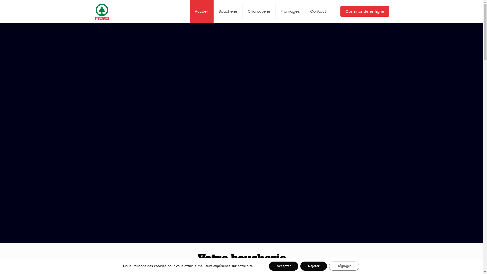  Describe the element at coordinates (313, 266) in the screenshot. I see `'Rejeter'` at that location.